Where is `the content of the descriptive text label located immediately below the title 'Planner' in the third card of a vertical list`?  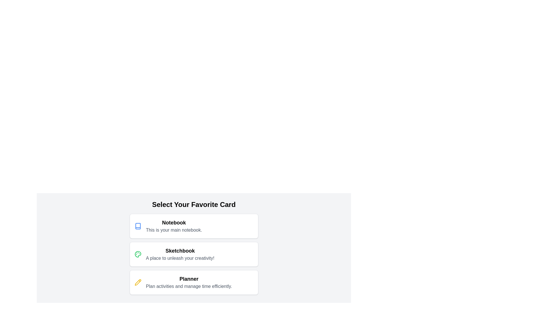
the content of the descriptive text label located immediately below the title 'Planner' in the third card of a vertical list is located at coordinates (189, 286).